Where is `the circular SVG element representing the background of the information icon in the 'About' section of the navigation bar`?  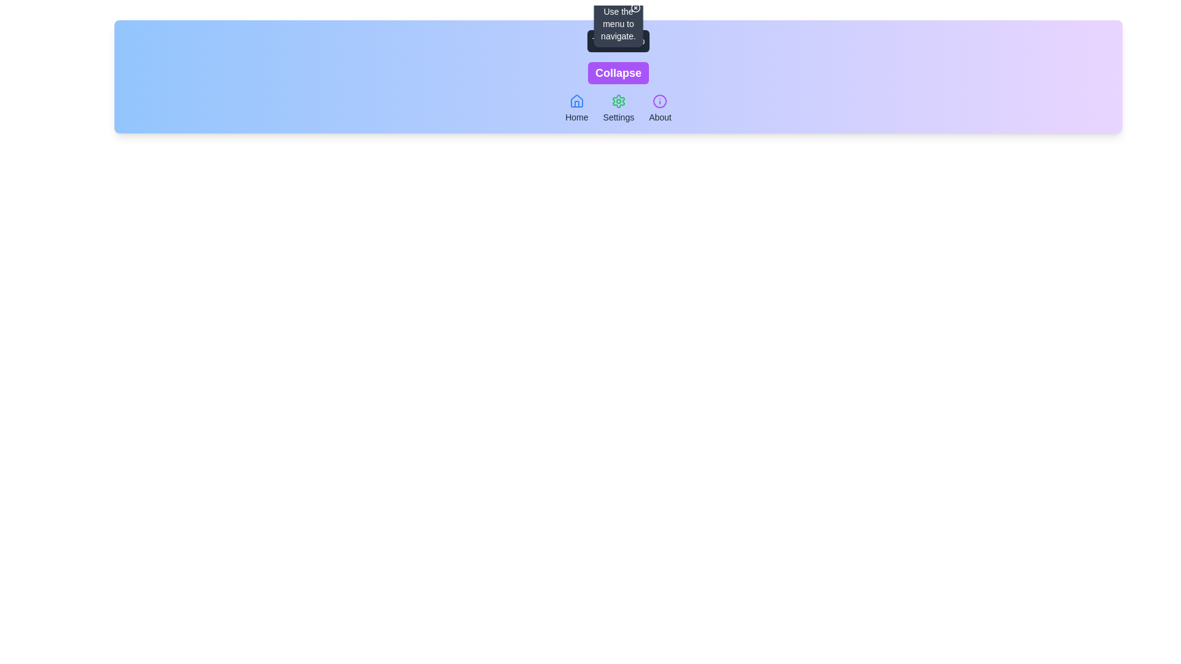
the circular SVG element representing the background of the information icon in the 'About' section of the navigation bar is located at coordinates (659, 101).